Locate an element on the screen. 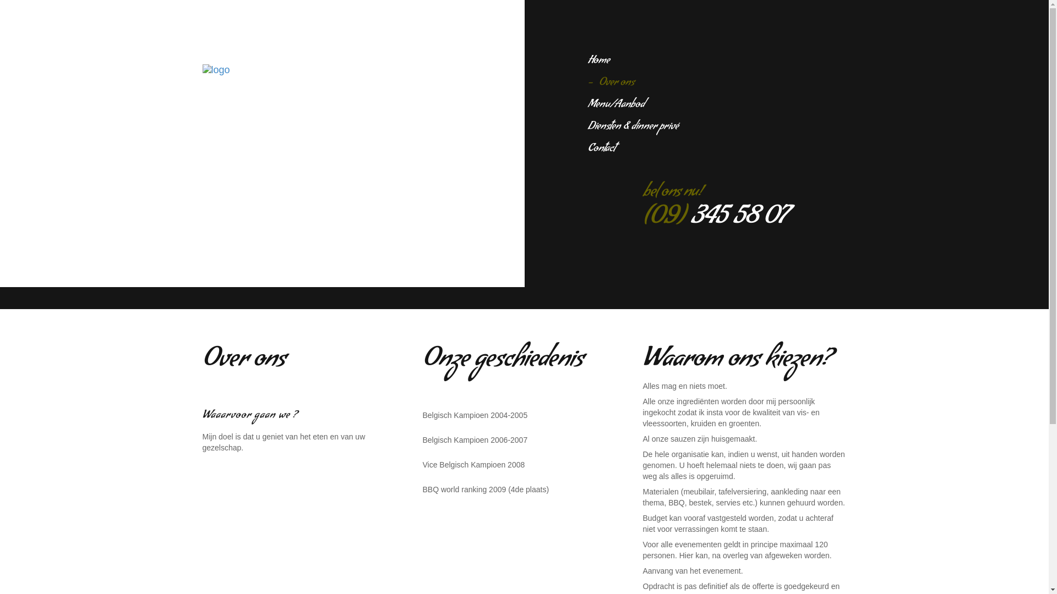  '(09) 345 58 07' is located at coordinates (714, 219).